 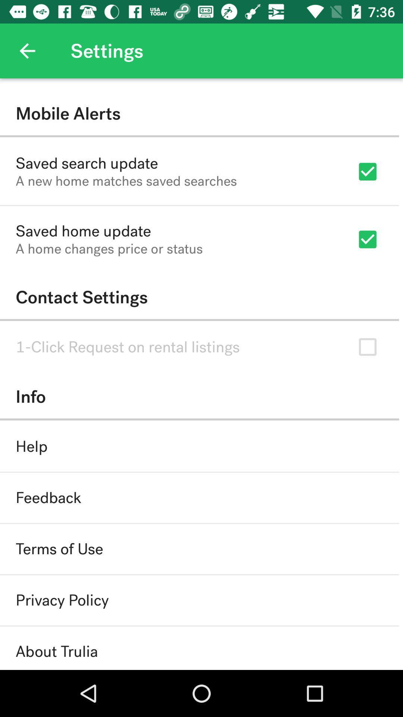 What do you see at coordinates (199, 297) in the screenshot?
I see `the contact settings` at bounding box center [199, 297].